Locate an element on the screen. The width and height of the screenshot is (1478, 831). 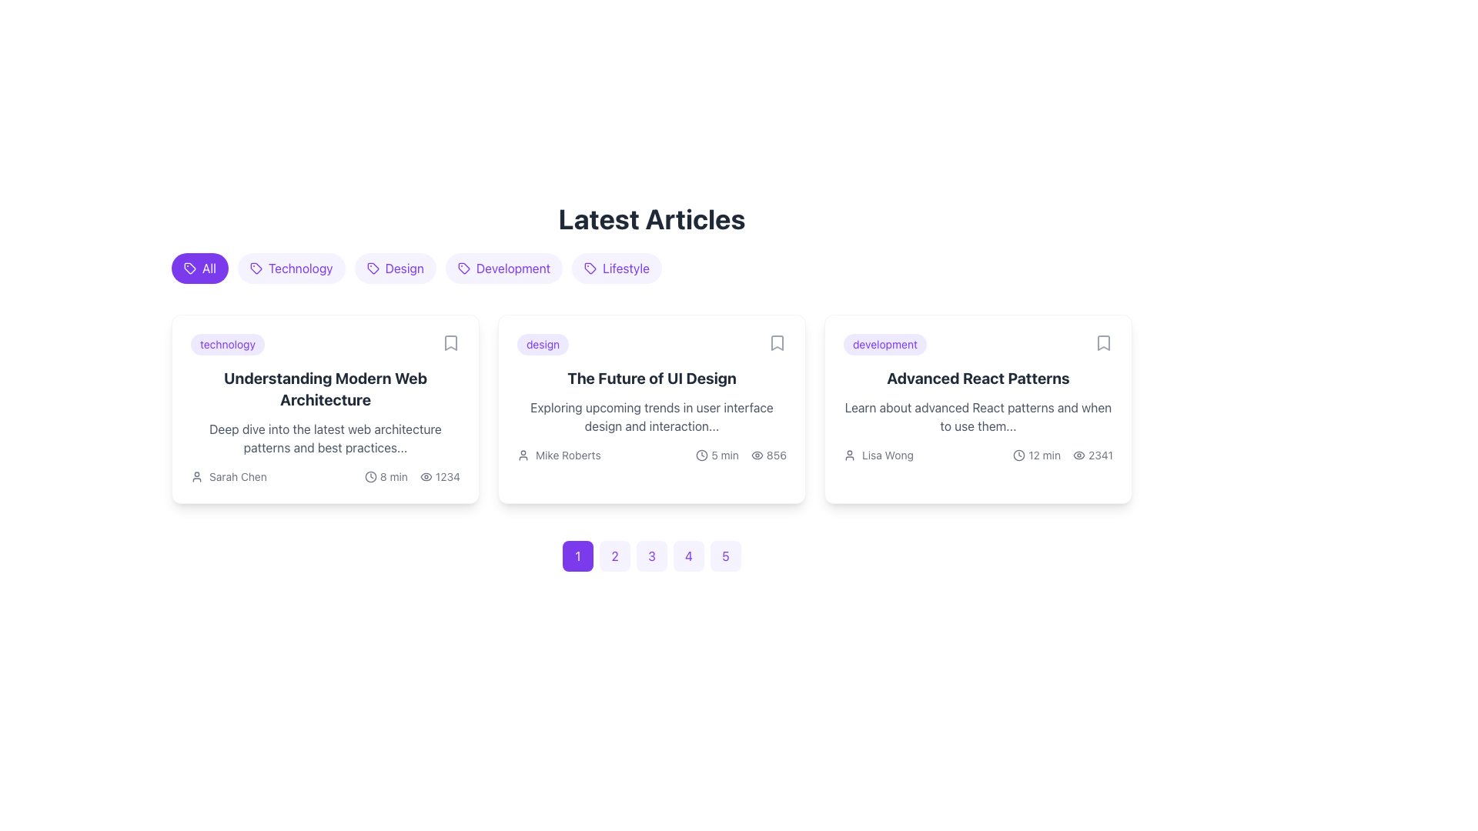
the title text of the article located in the middle of the card, which is positioned below the category tag 'development' and above the brief description is located at coordinates (978, 379).